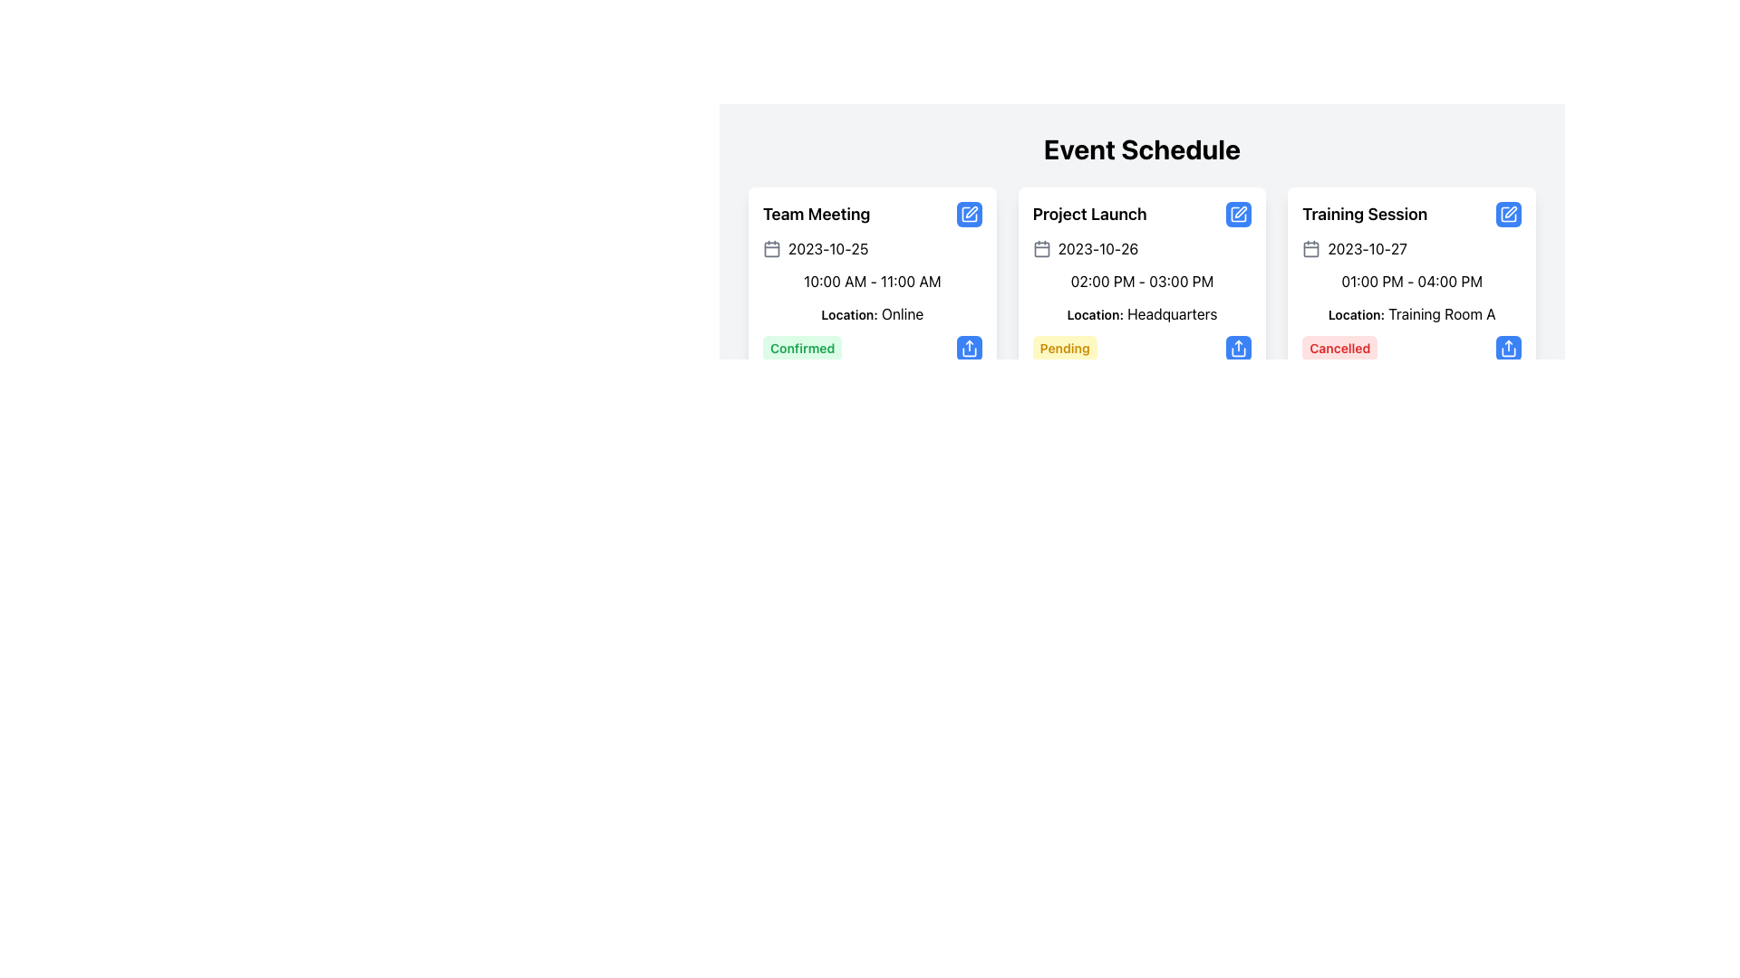 This screenshot has width=1740, height=978. I want to click on the 'Share' button located at the bottom-right corner of the 'Training Session' card, so click(1509, 349).